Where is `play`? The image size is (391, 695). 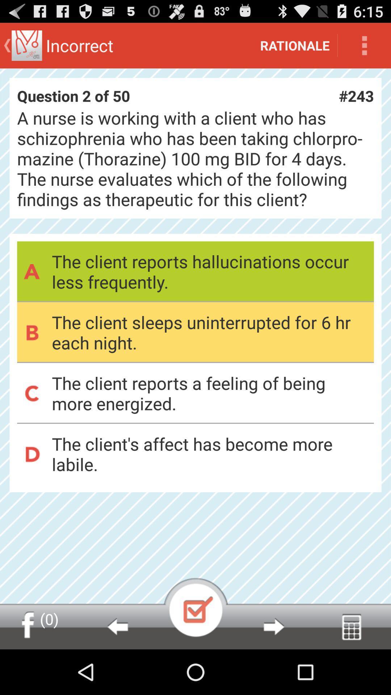 play is located at coordinates (195, 607).